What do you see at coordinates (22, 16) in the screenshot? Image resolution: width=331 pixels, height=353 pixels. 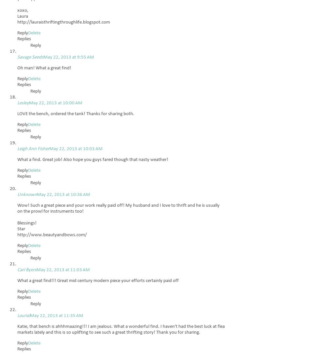 I see `'Laura'` at bounding box center [22, 16].